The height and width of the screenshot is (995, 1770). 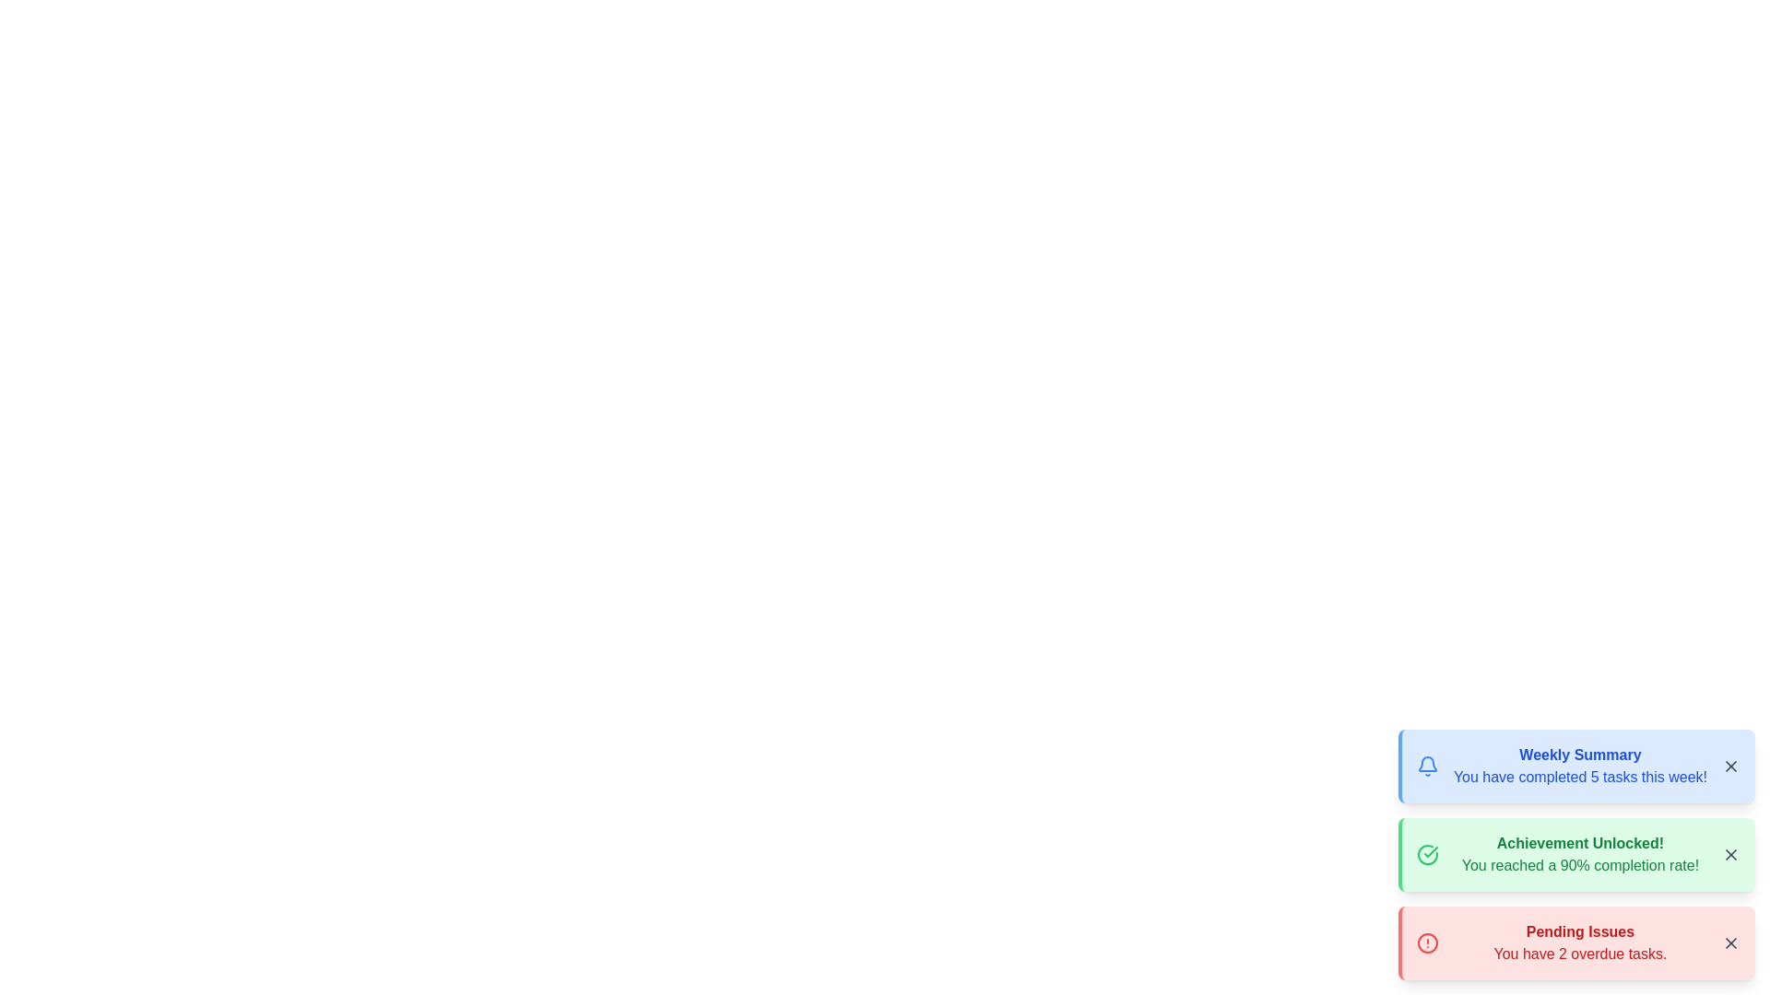 What do you see at coordinates (1729, 767) in the screenshot?
I see `dismiss button of the notification with the title Weekly Summary` at bounding box center [1729, 767].